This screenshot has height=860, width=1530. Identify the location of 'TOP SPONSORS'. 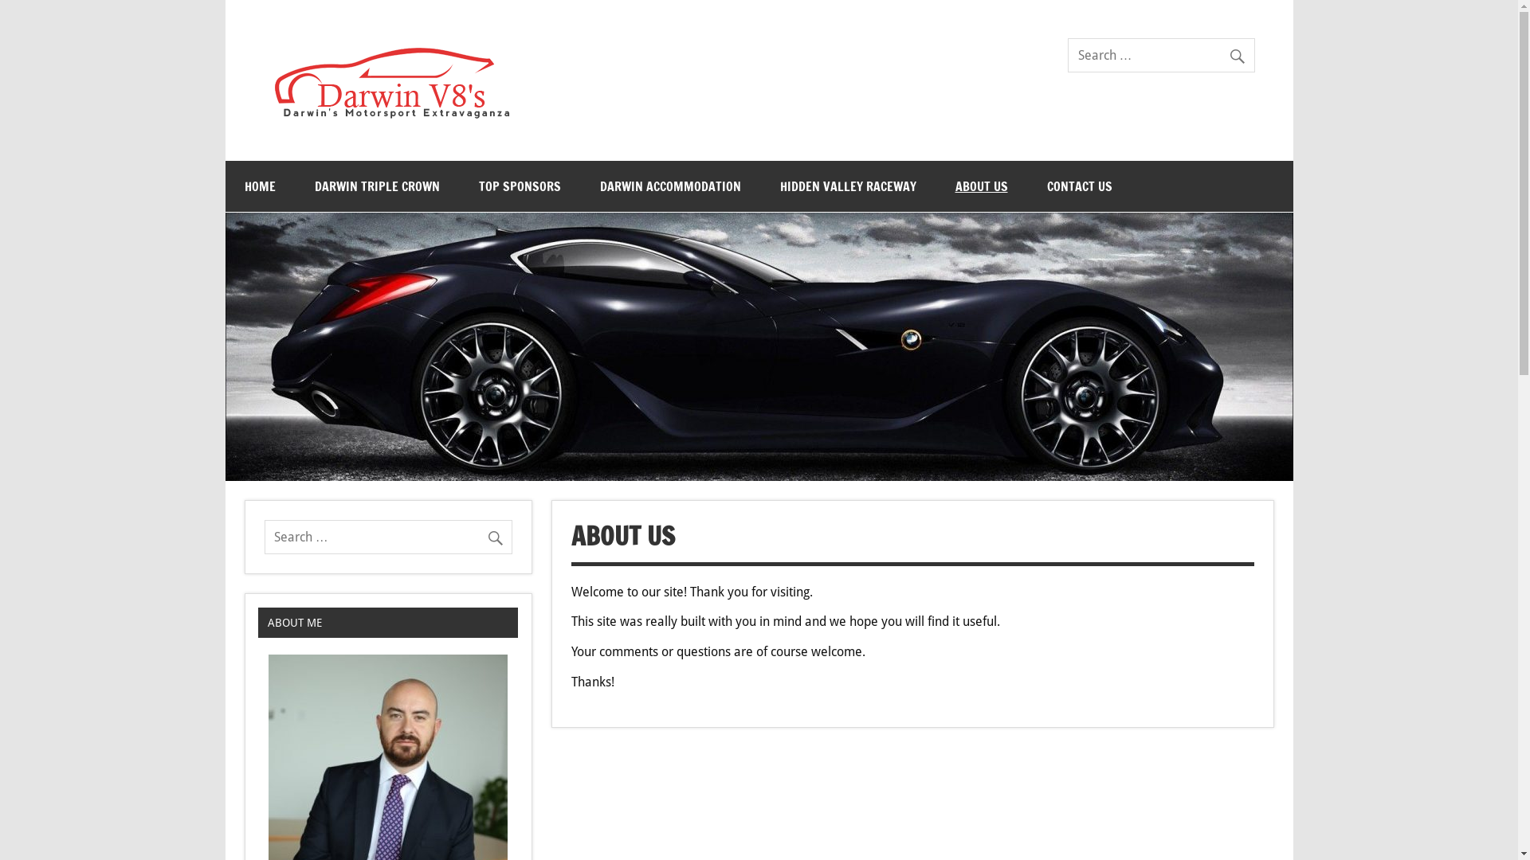
(519, 186).